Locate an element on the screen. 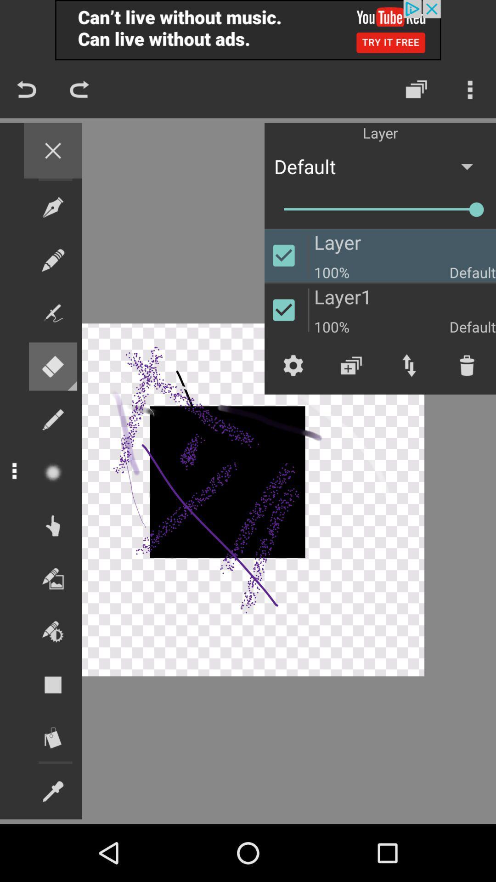 The height and width of the screenshot is (882, 496). the delete icon is located at coordinates (467, 365).